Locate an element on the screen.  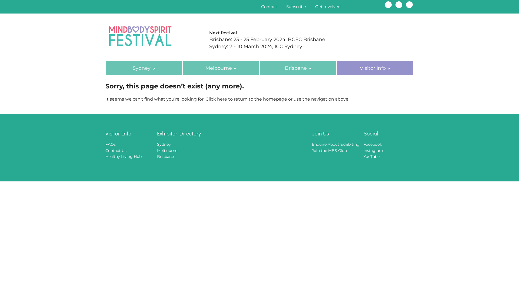
'Click here' is located at coordinates (205, 99).